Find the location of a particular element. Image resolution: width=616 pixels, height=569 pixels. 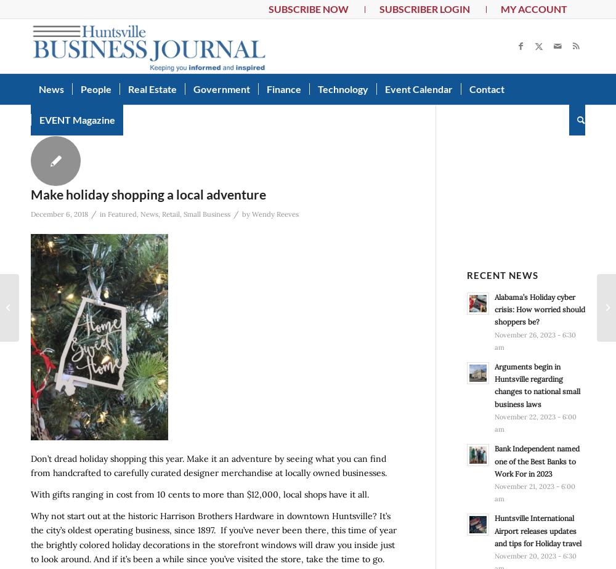

'Career' is located at coordinates (96, 115).